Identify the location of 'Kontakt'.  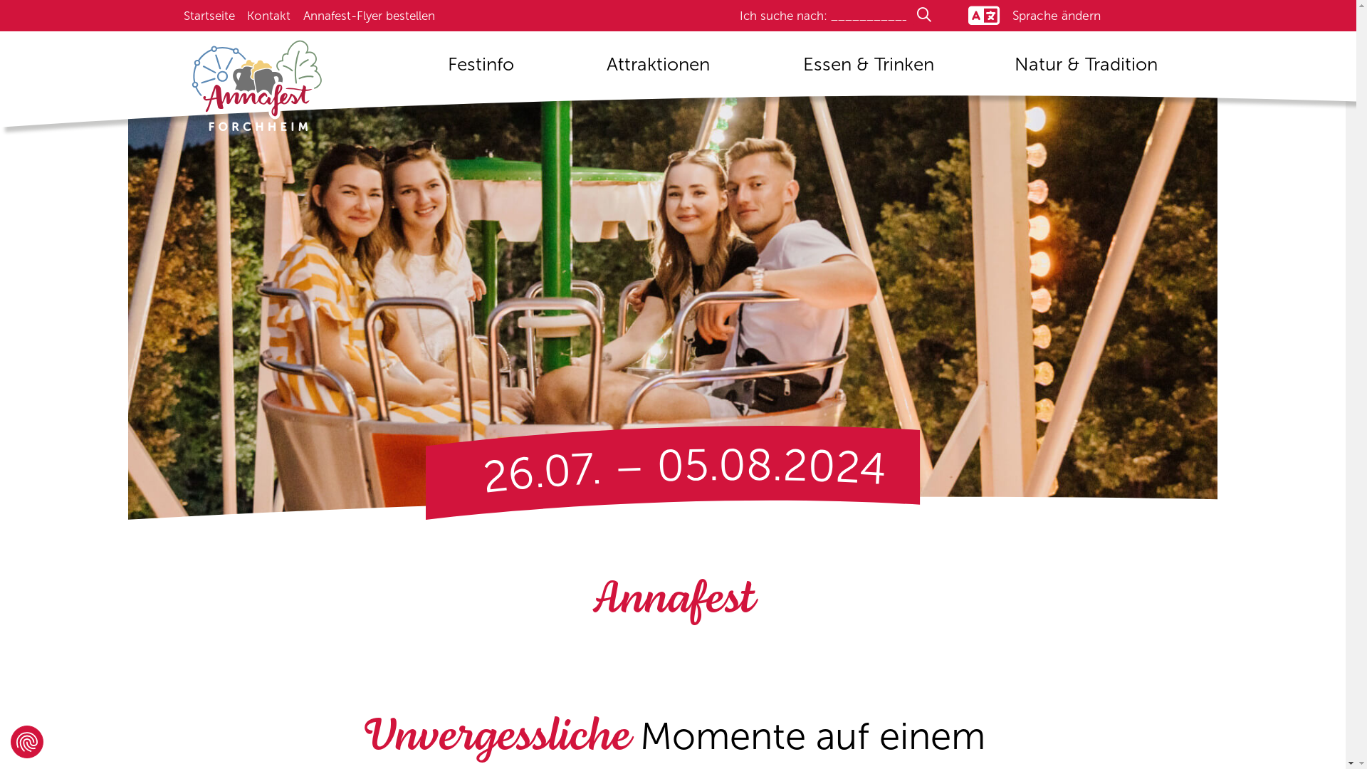
(268, 16).